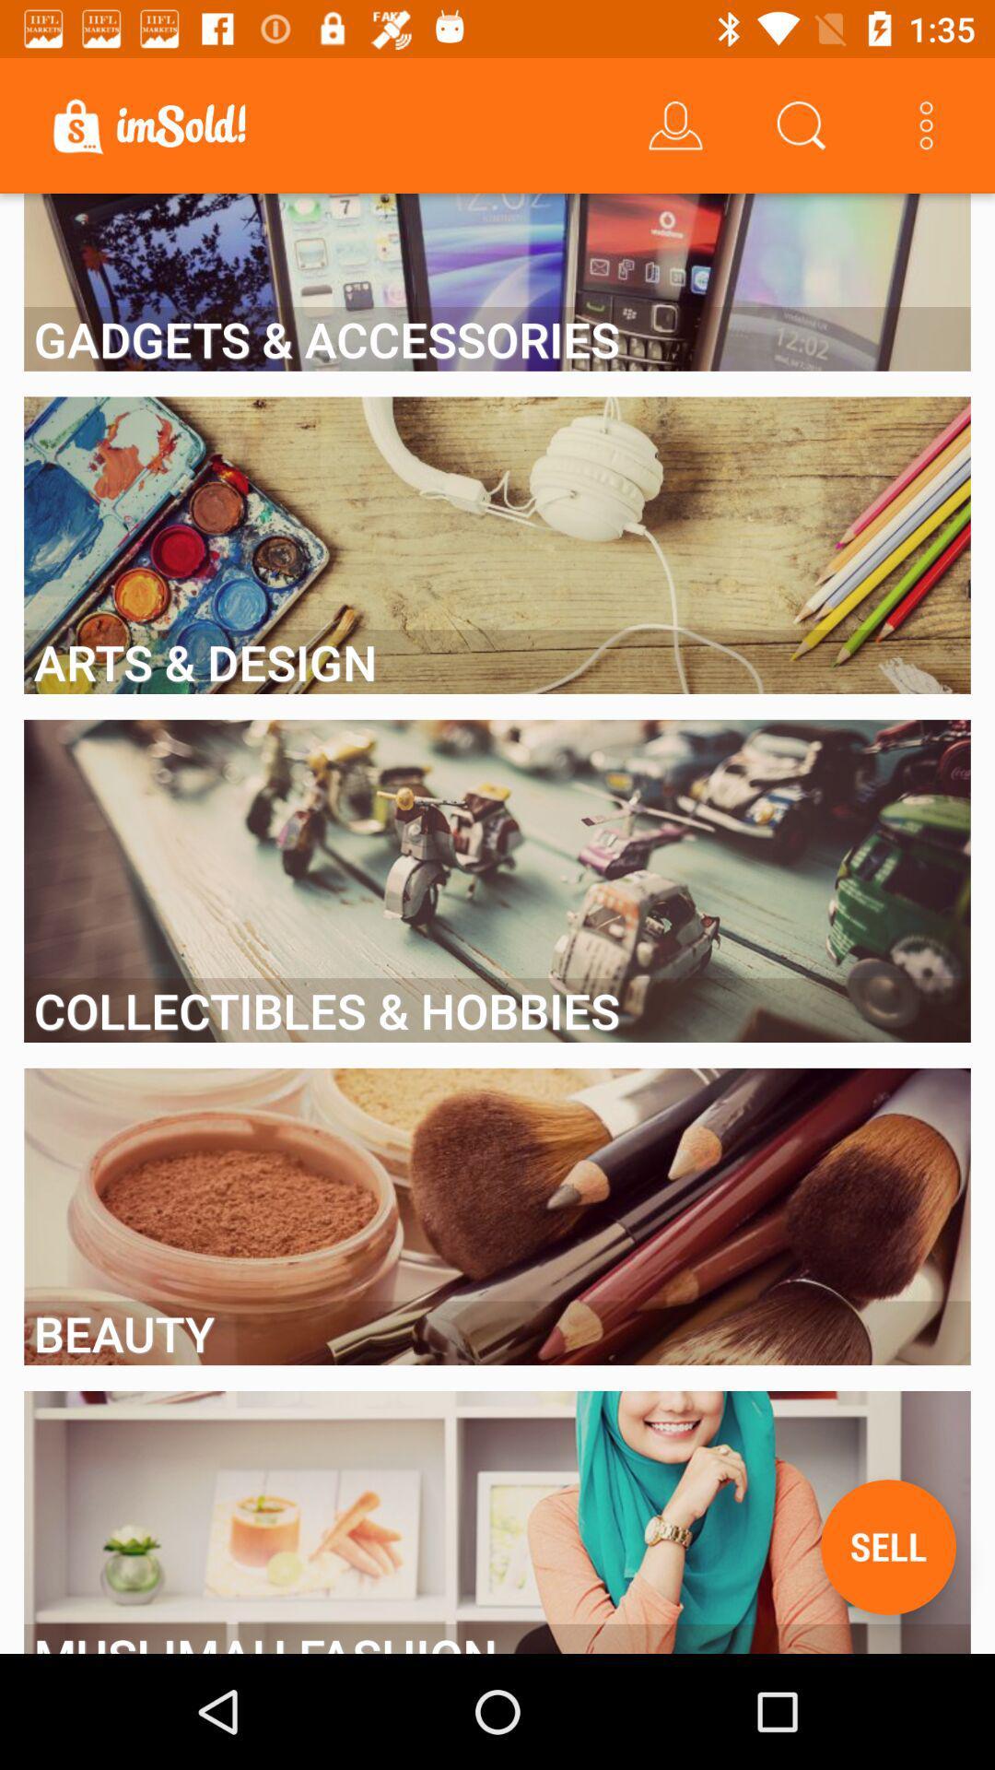 The height and width of the screenshot is (1770, 995). What do you see at coordinates (887, 1547) in the screenshot?
I see `item at the bottom right corner` at bounding box center [887, 1547].